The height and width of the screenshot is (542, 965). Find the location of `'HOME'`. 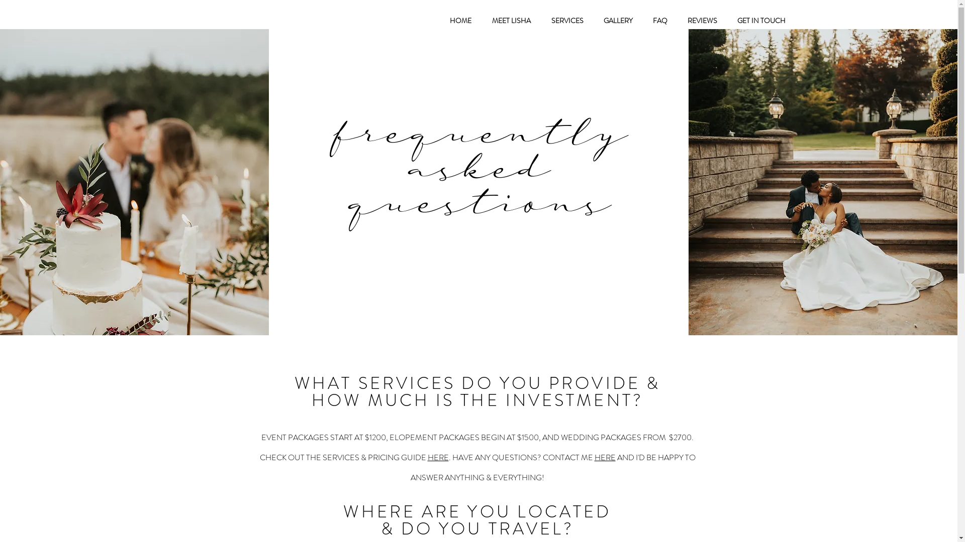

'HOME' is located at coordinates (460, 21).